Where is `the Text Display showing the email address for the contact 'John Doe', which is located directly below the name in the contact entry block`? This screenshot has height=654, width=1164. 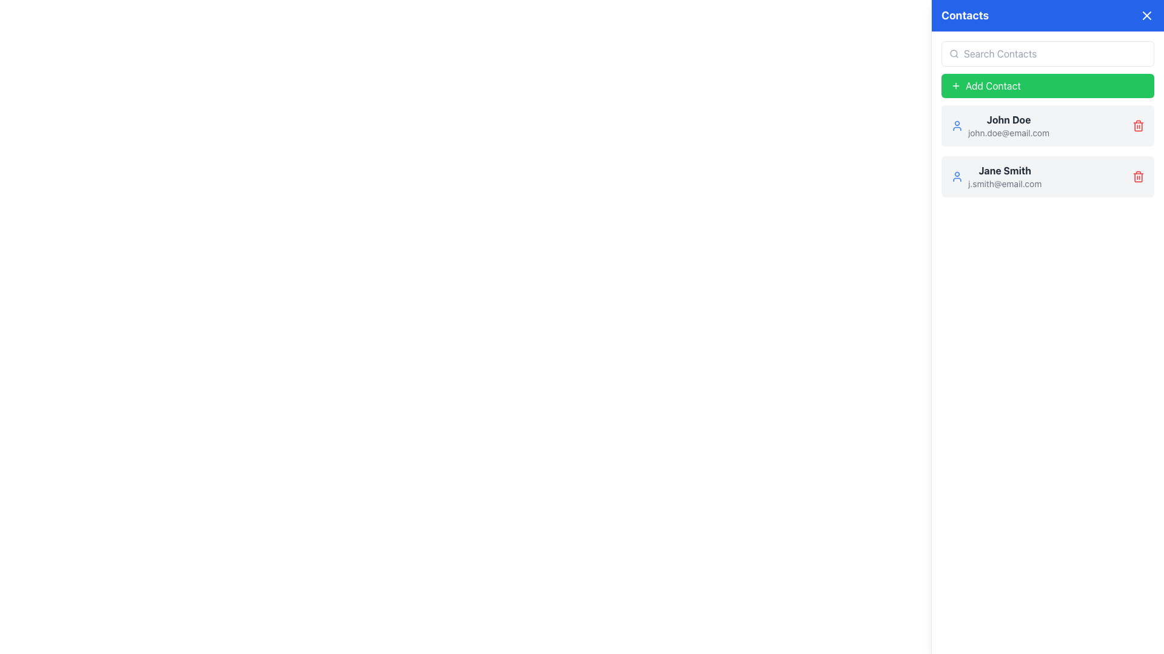 the Text Display showing the email address for the contact 'John Doe', which is located directly below the name in the contact entry block is located at coordinates (1009, 133).